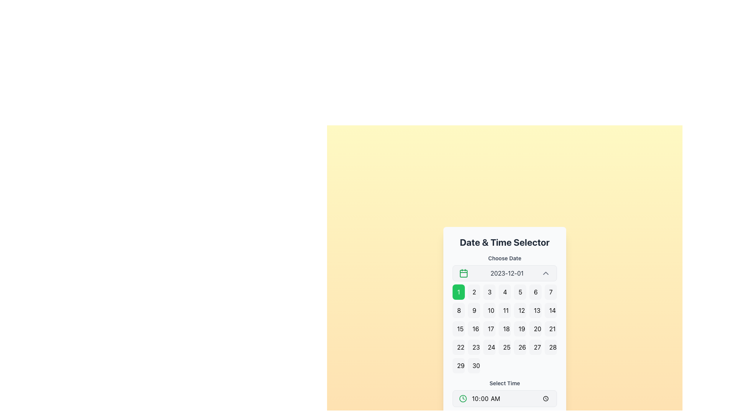 The image size is (737, 414). What do you see at coordinates (535, 347) in the screenshot?
I see `the button displaying the number '27' in the date picker UI` at bounding box center [535, 347].